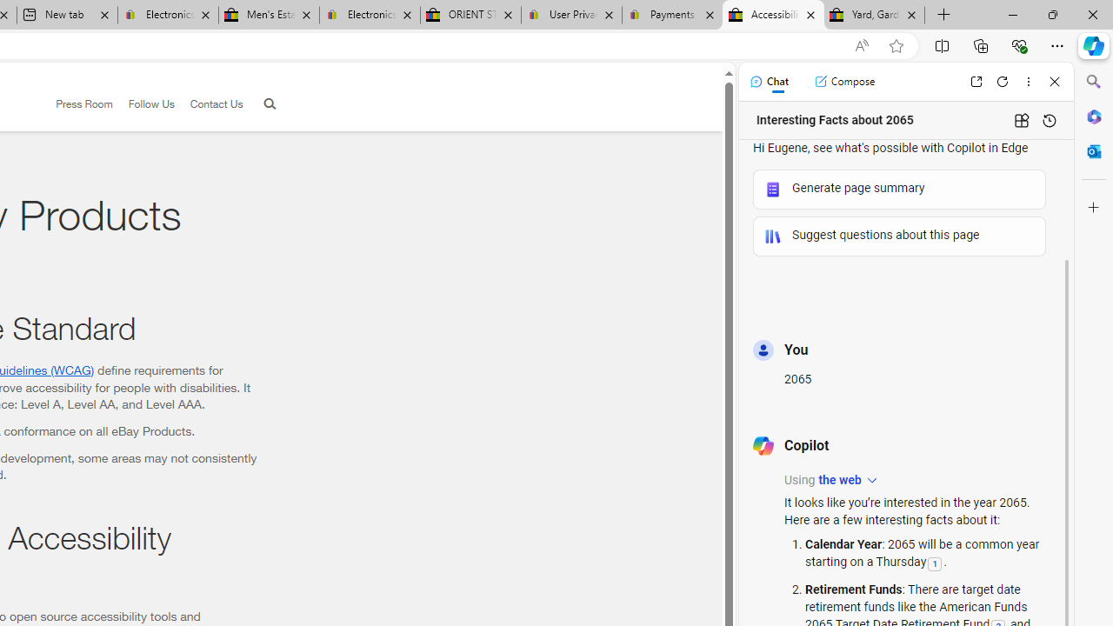 This screenshot has height=626, width=1113. Describe the element at coordinates (844, 81) in the screenshot. I see `'Compose'` at that location.